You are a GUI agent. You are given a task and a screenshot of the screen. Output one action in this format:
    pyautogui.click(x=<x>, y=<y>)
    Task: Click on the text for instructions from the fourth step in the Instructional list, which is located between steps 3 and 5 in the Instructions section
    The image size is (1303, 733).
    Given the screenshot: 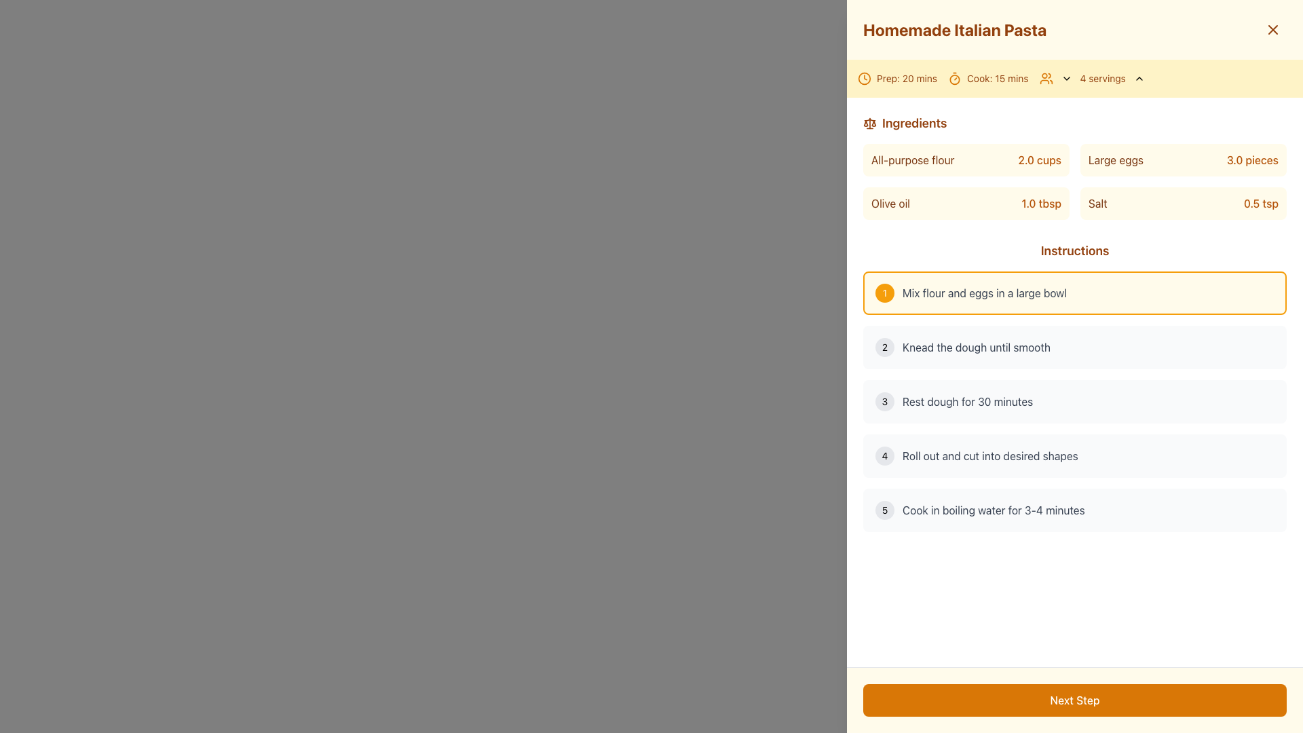 What is the action you would take?
    pyautogui.click(x=1074, y=455)
    